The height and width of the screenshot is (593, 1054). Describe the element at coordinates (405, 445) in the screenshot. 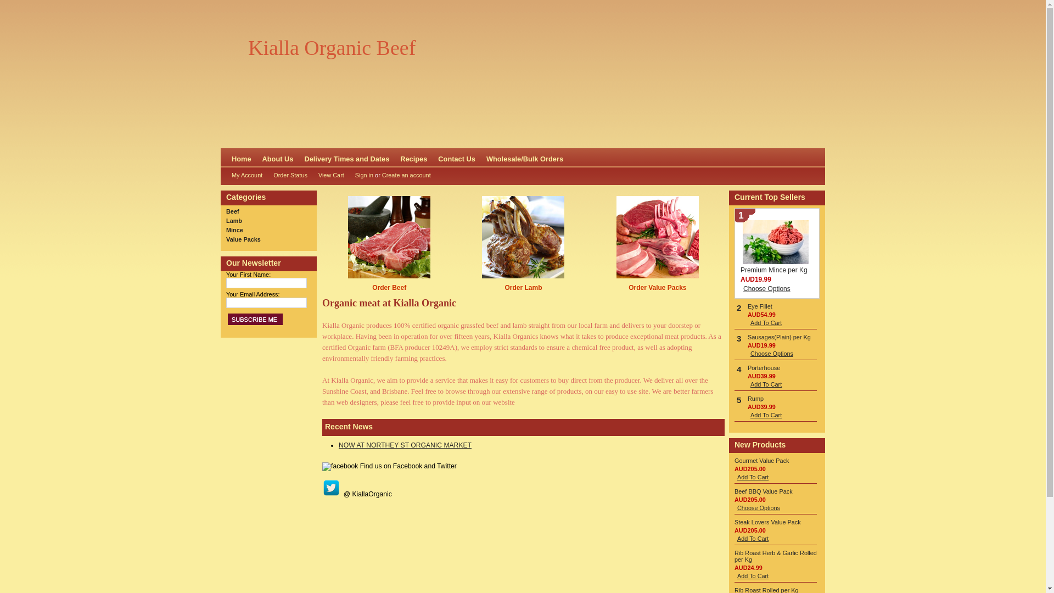

I see `'NOW AT NORTHEY ST ORGANIC MARKET'` at that location.